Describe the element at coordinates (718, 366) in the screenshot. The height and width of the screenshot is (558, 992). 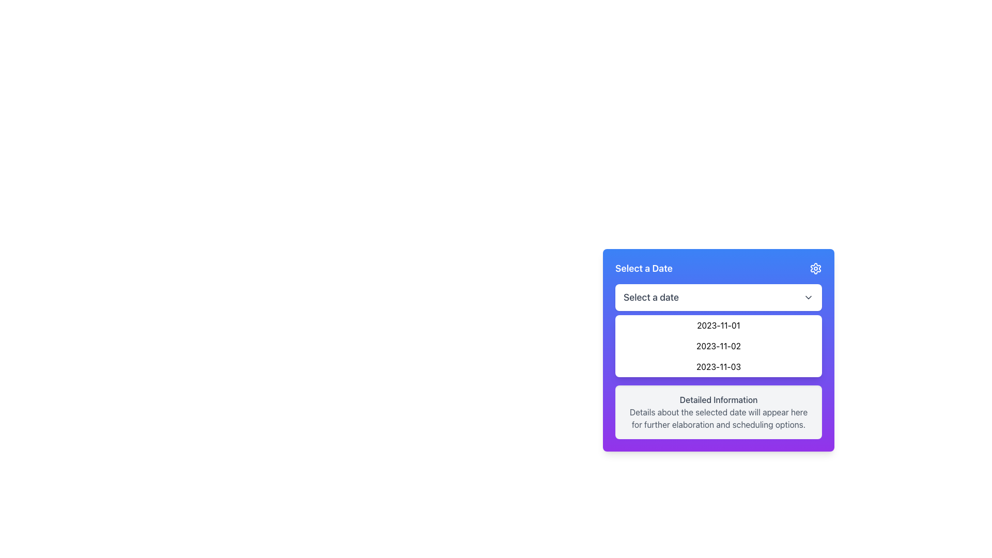
I see `the text-based list item displaying the date '2023-11-03'` at that location.